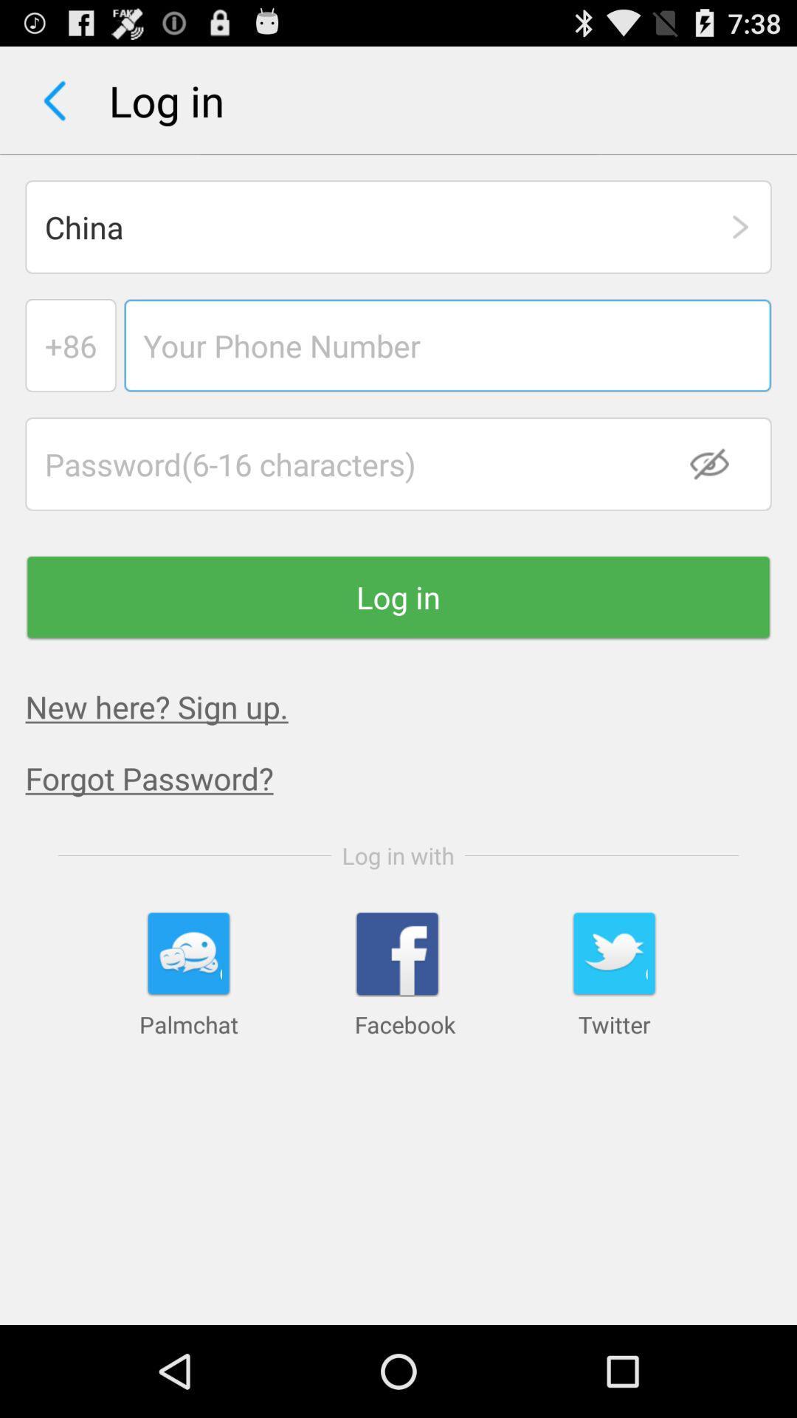 This screenshot has height=1418, width=797. Describe the element at coordinates (398, 463) in the screenshot. I see `input password` at that location.